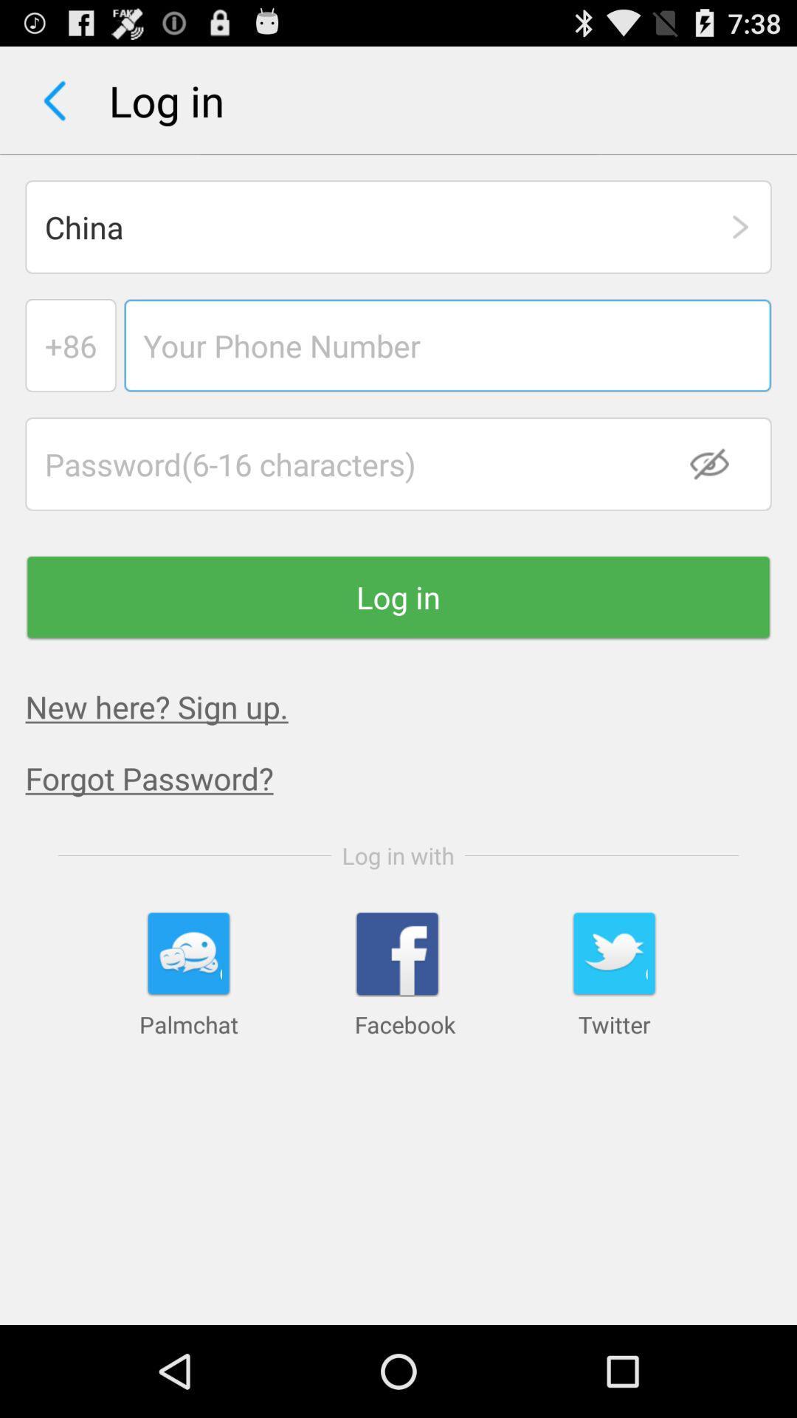 This screenshot has height=1418, width=797. Describe the element at coordinates (398, 463) in the screenshot. I see `input password` at that location.